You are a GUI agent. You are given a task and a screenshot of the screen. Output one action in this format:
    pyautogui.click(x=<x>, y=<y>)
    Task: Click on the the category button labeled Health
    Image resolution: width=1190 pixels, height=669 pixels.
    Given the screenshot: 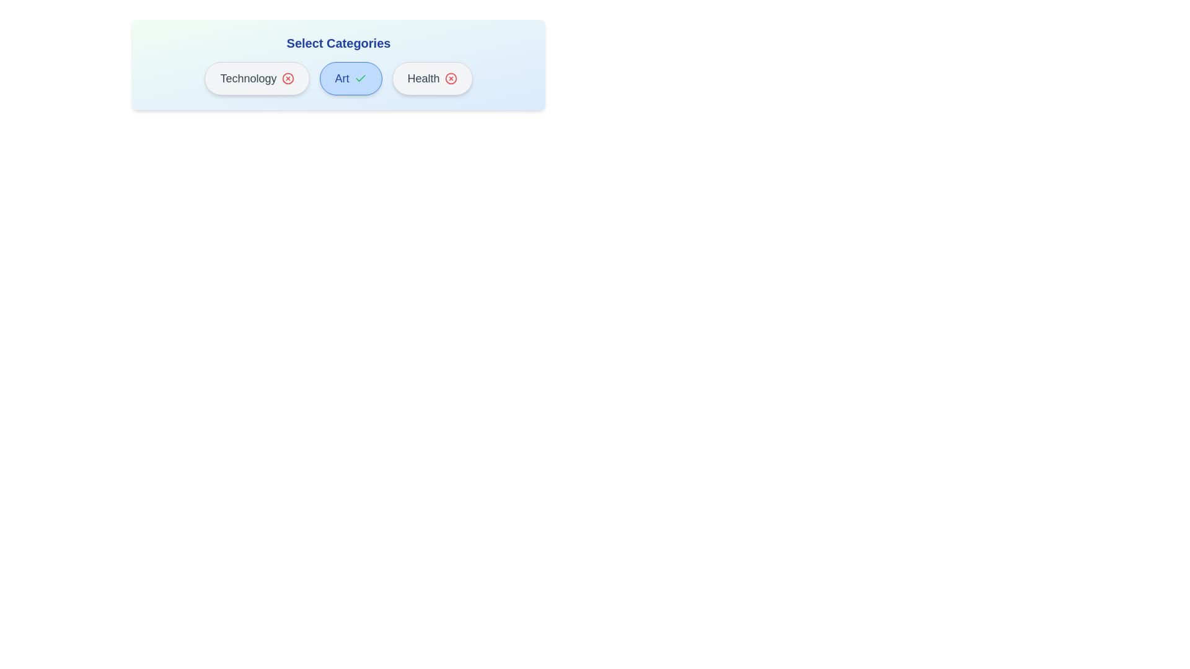 What is the action you would take?
    pyautogui.click(x=432, y=79)
    